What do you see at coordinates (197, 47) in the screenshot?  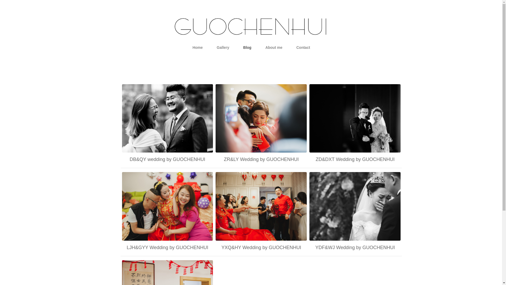 I see `'Home'` at bounding box center [197, 47].